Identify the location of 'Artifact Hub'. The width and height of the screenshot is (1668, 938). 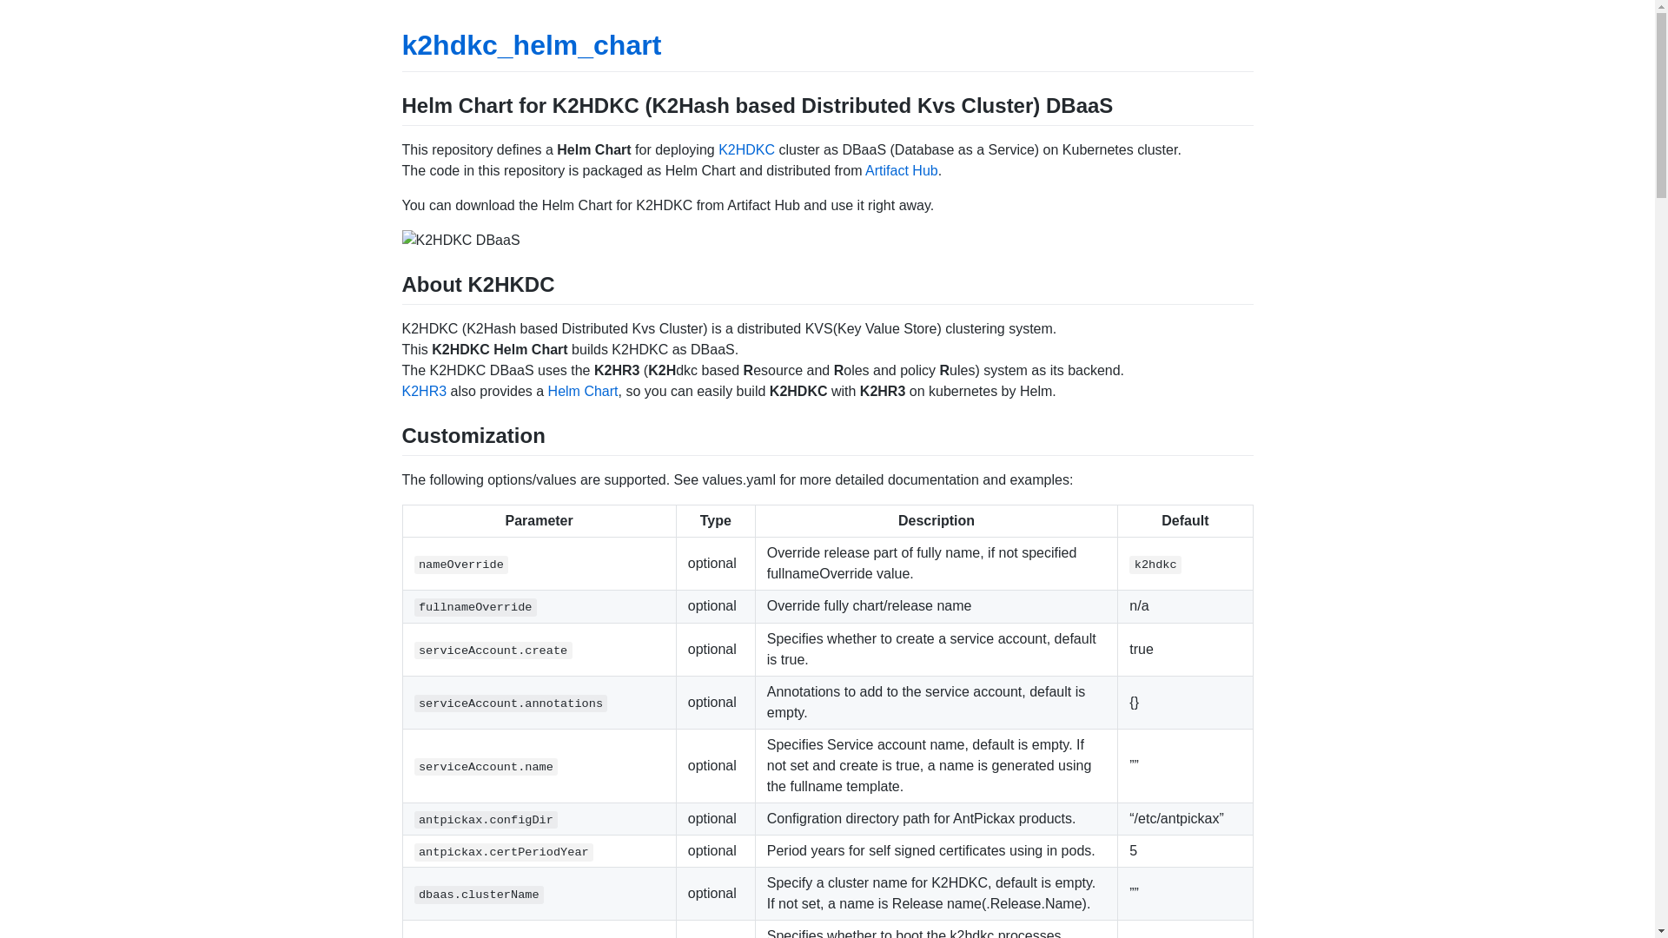
(865, 170).